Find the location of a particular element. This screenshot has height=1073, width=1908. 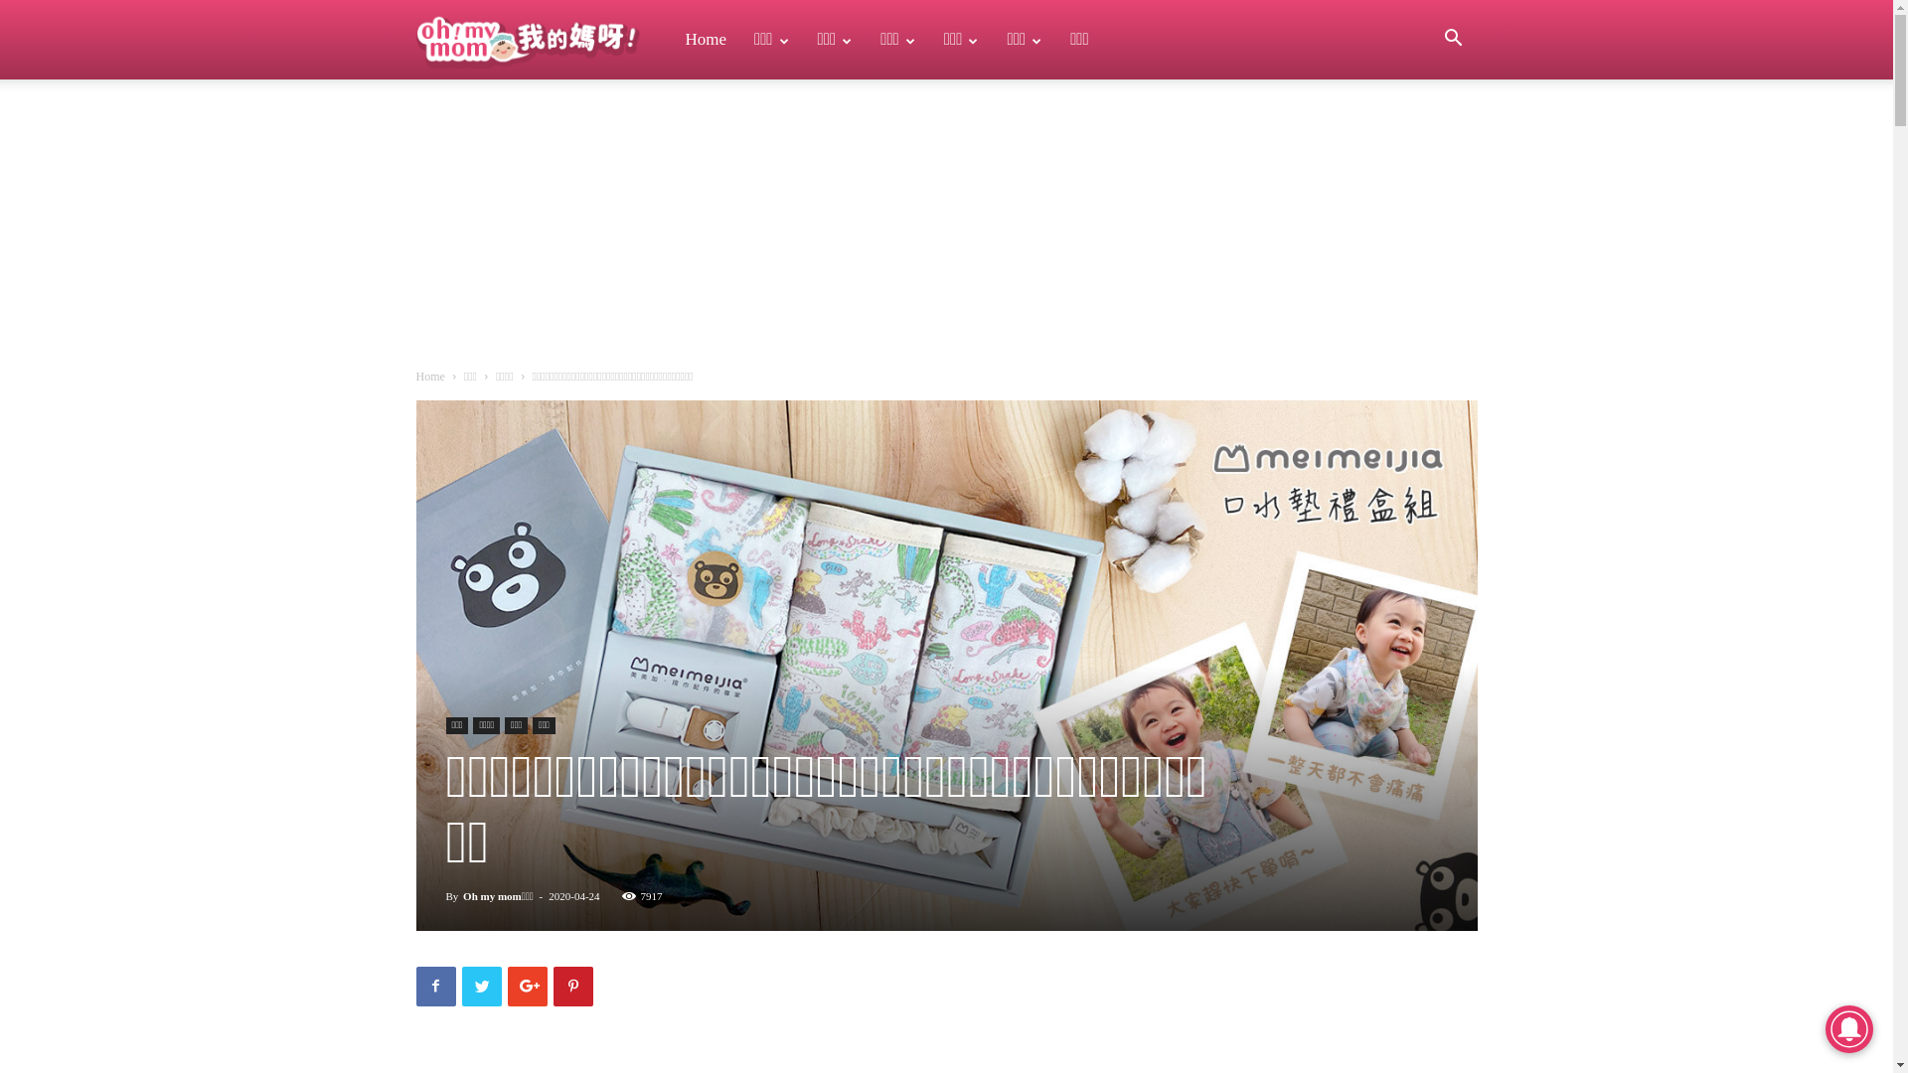

'Home' is located at coordinates (428, 376).